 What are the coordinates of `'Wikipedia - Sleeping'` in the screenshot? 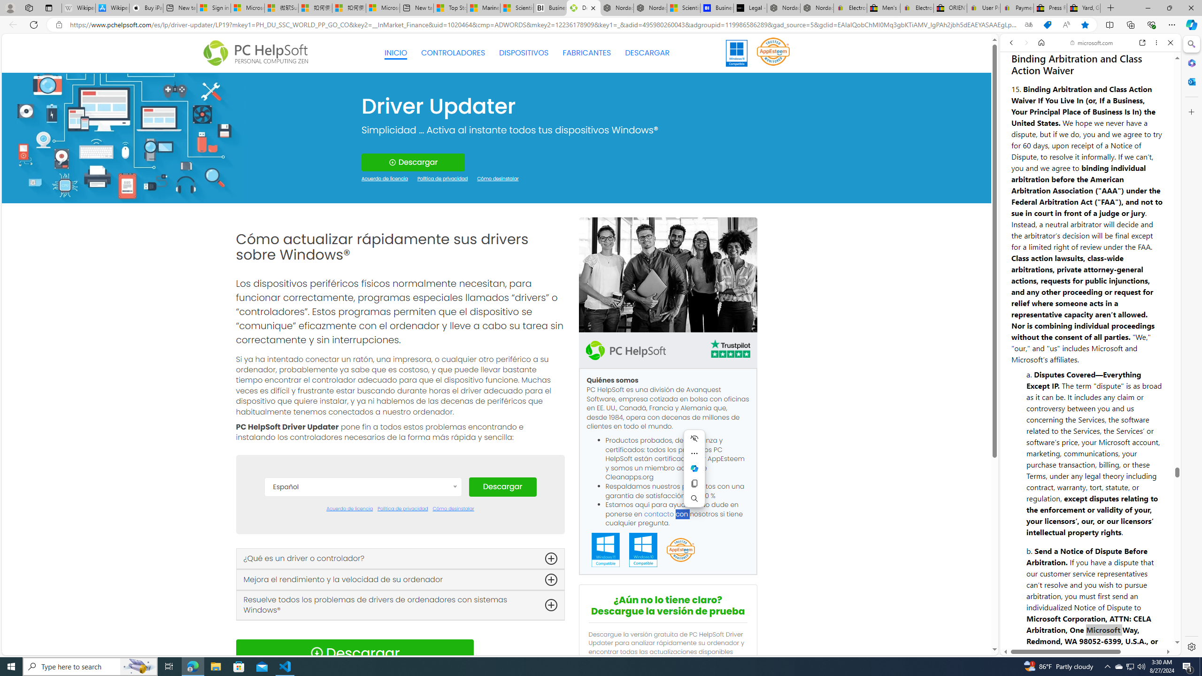 It's located at (78, 8).